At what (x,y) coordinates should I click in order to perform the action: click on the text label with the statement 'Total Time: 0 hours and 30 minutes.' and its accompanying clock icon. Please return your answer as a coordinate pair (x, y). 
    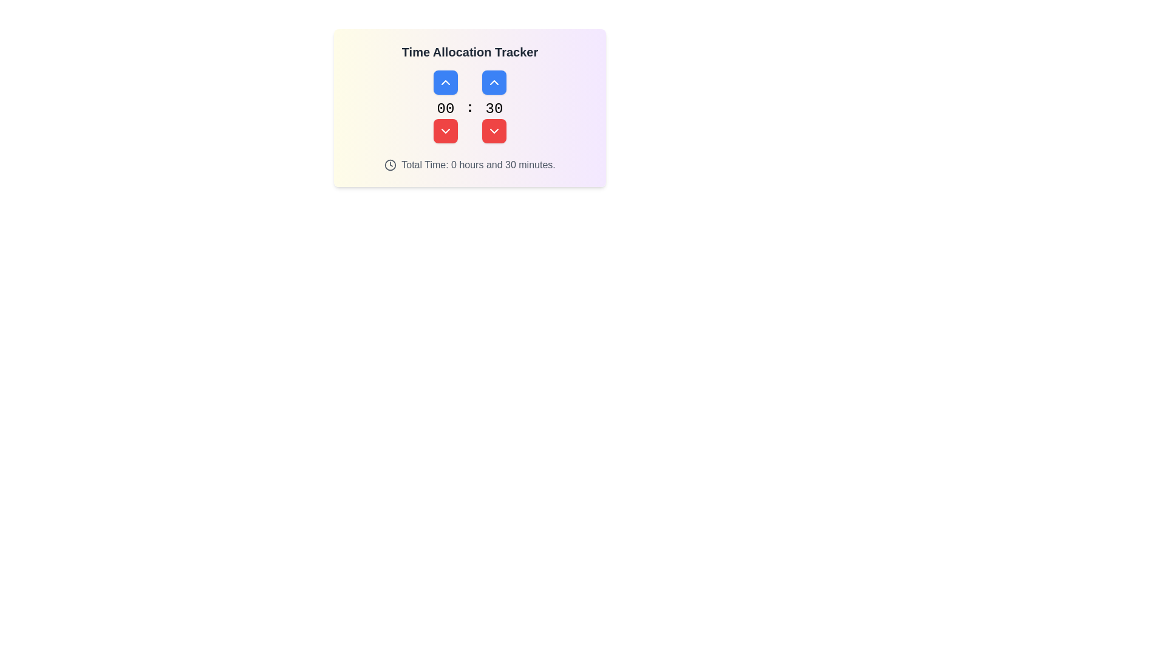
    Looking at the image, I should click on (469, 165).